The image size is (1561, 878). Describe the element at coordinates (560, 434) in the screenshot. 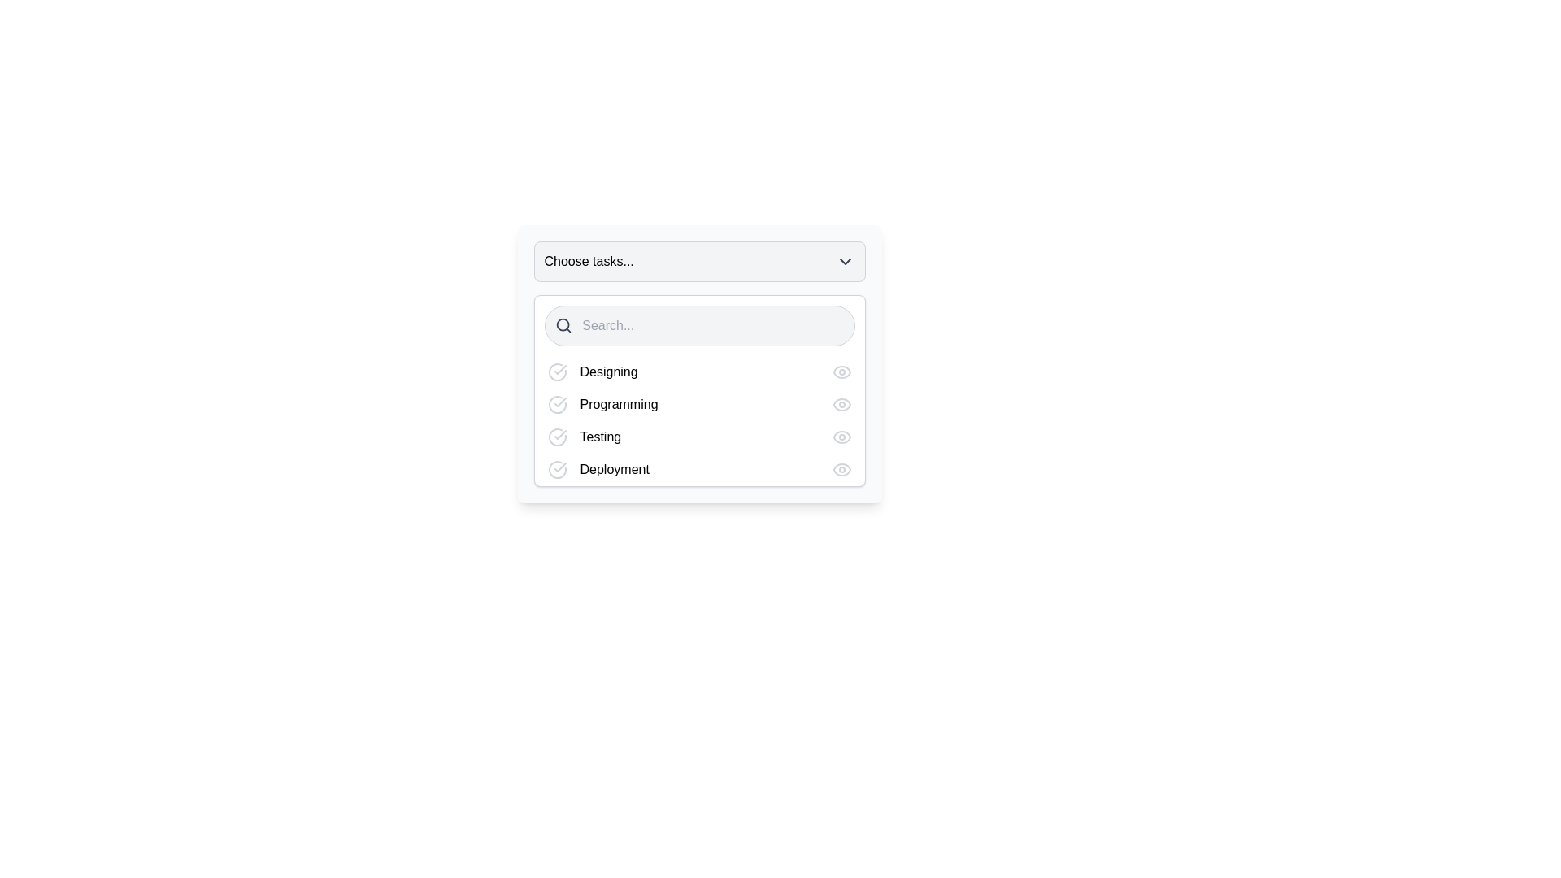

I see `the checkmark graphic within the circular icon that indicates the completed state for the 'Testing' option in the dropdown menu` at that location.